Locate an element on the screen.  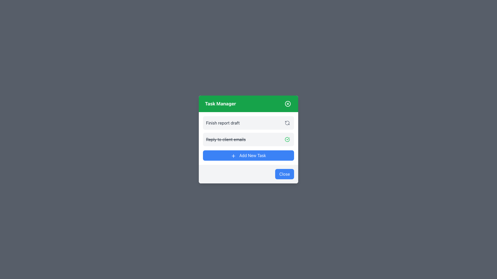
the SVG Icon located to the right of the text 'Reply to client emails' in the Task Manager section to indicate its status is located at coordinates (287, 139).